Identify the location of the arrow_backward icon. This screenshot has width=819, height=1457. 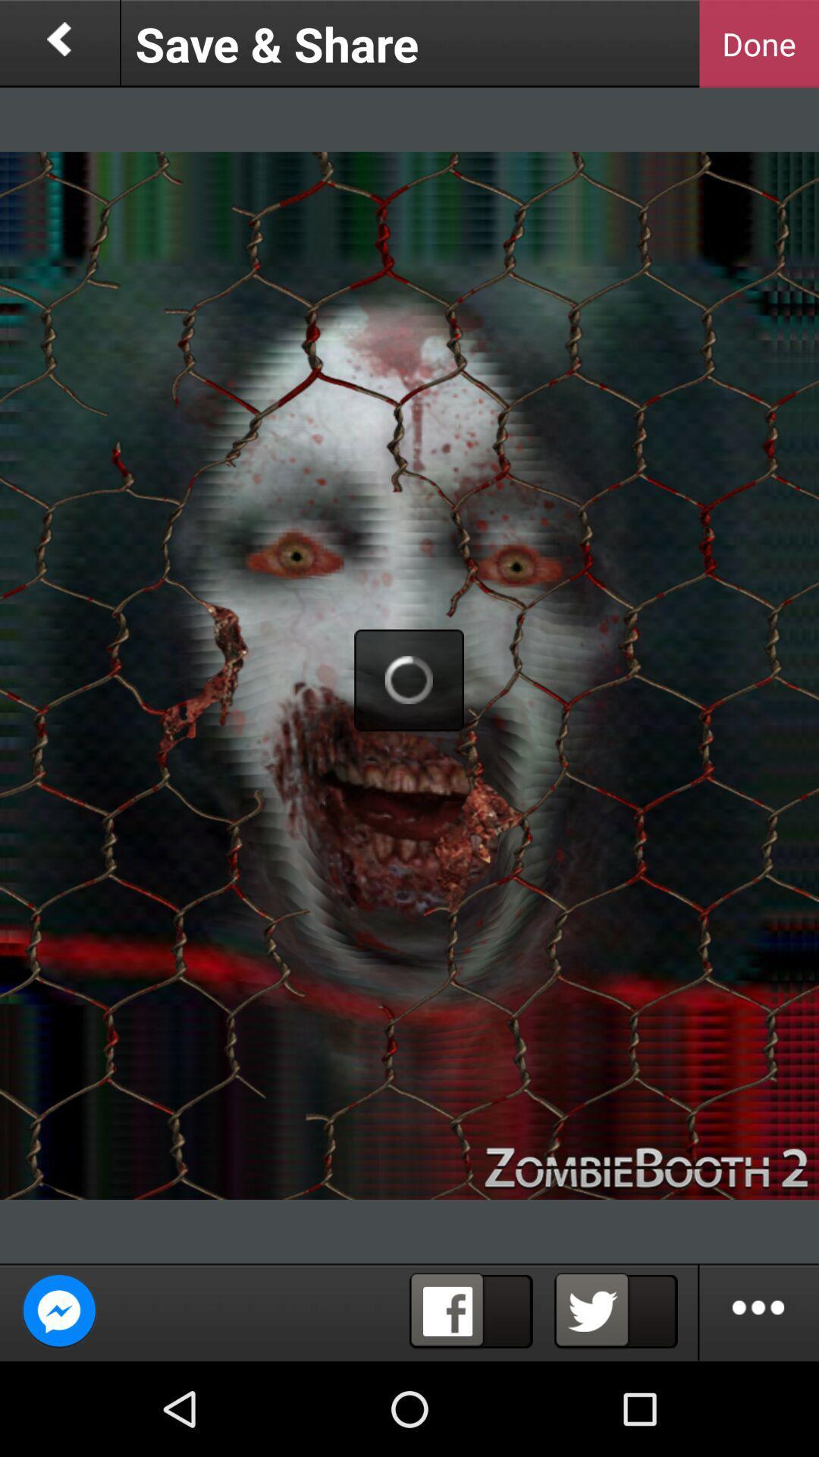
(58, 46).